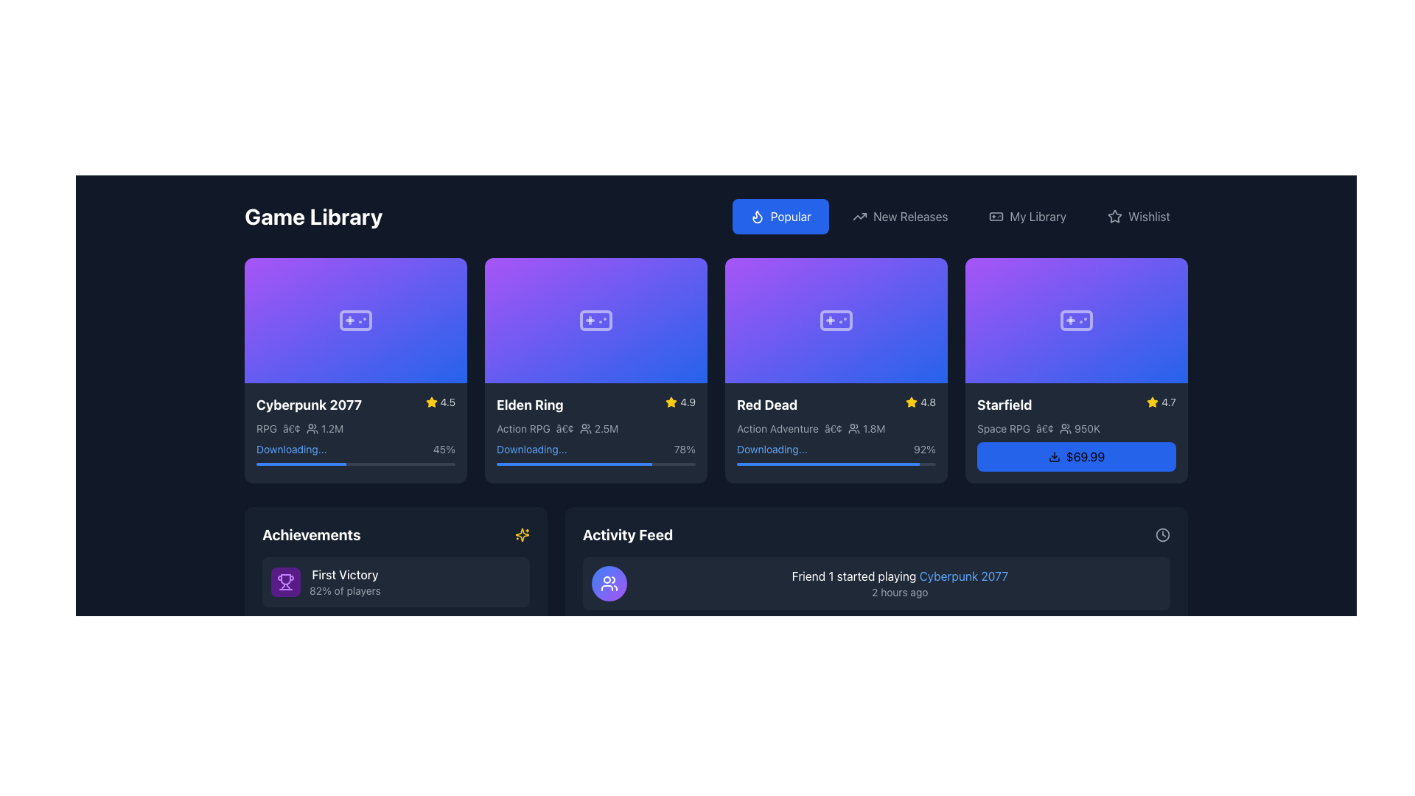 This screenshot has height=796, width=1415. I want to click on the circular element that is part of the clock icon located in the lower-right corner of the 'Activity Feed' section, specifically at the end of a feed entry, so click(1162, 534).